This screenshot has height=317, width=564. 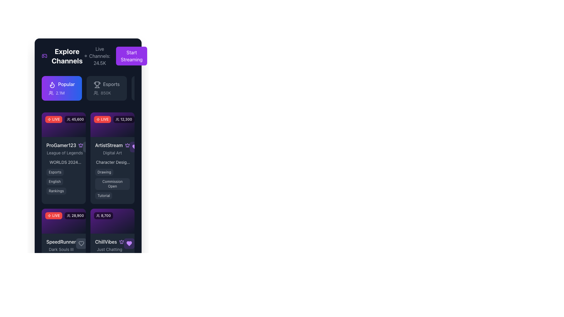 What do you see at coordinates (116, 56) in the screenshot?
I see `the 'Start Streaming' button, which is part of a composite UI component displaying the number of live channels ('24.5K') and providing an actionable button for initiating a streaming session, located in the header section between 'Explore Channels' and the 'Start Streaming' button` at bounding box center [116, 56].